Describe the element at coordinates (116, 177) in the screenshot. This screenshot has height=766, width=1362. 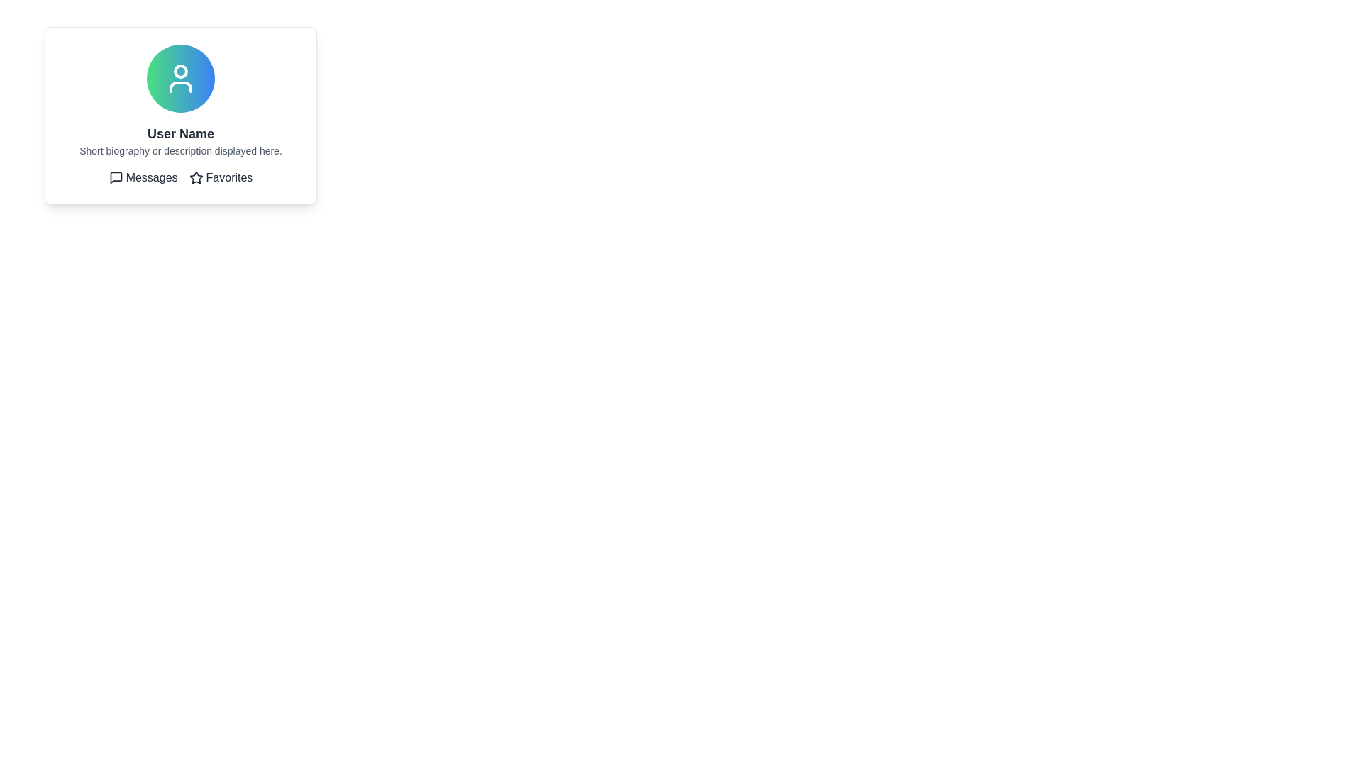
I see `the messaging icon located to the immediate left of the 'Messages' label in the user profile card` at that location.